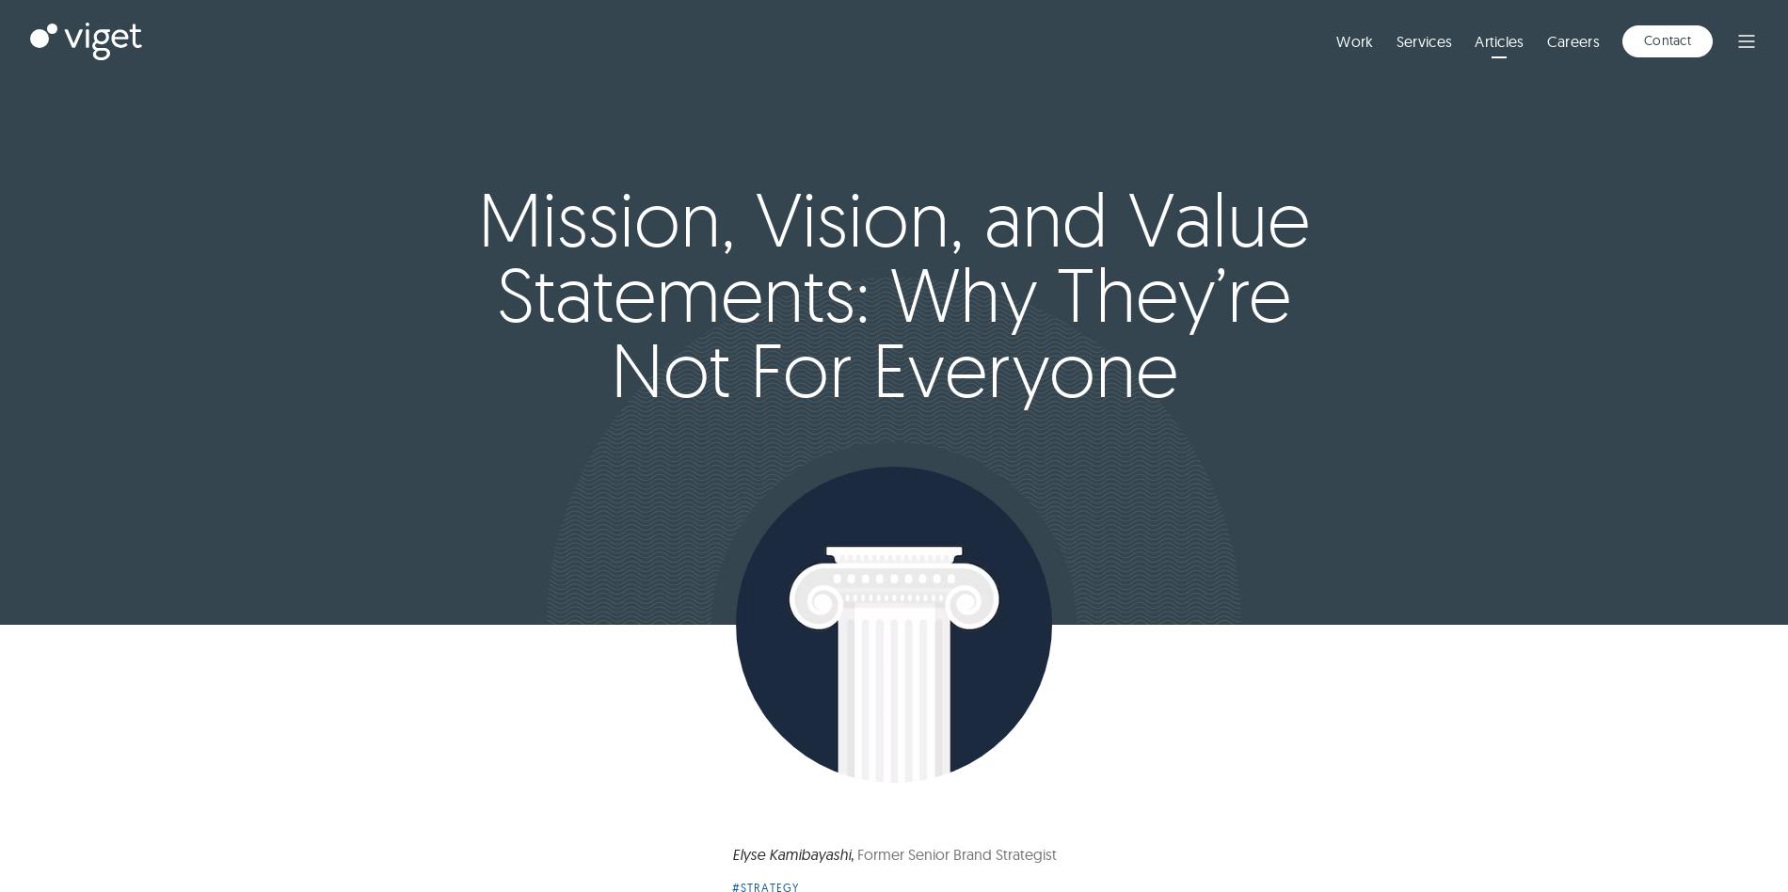 The image size is (1788, 892). Describe the element at coordinates (883, 337) in the screenshot. I see `'don’t drum up the people'` at that location.